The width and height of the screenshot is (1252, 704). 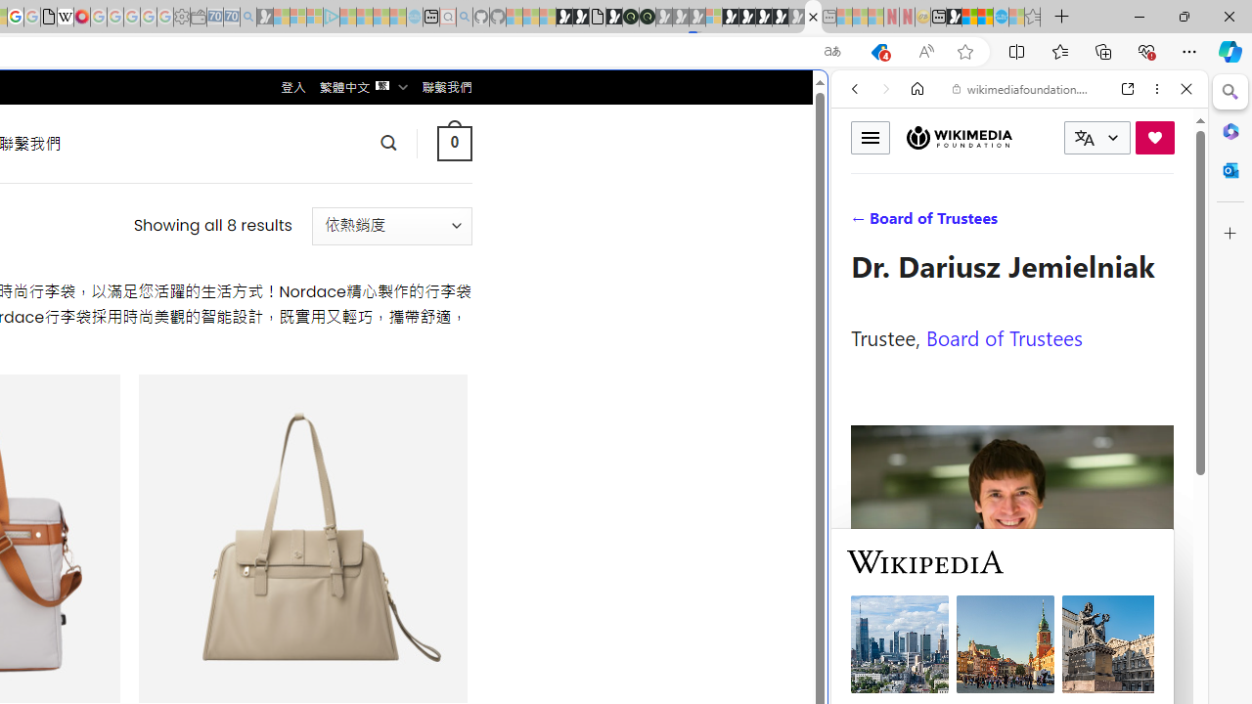 What do you see at coordinates (270, 259) in the screenshot?
I see `'Tabs you'` at bounding box center [270, 259].